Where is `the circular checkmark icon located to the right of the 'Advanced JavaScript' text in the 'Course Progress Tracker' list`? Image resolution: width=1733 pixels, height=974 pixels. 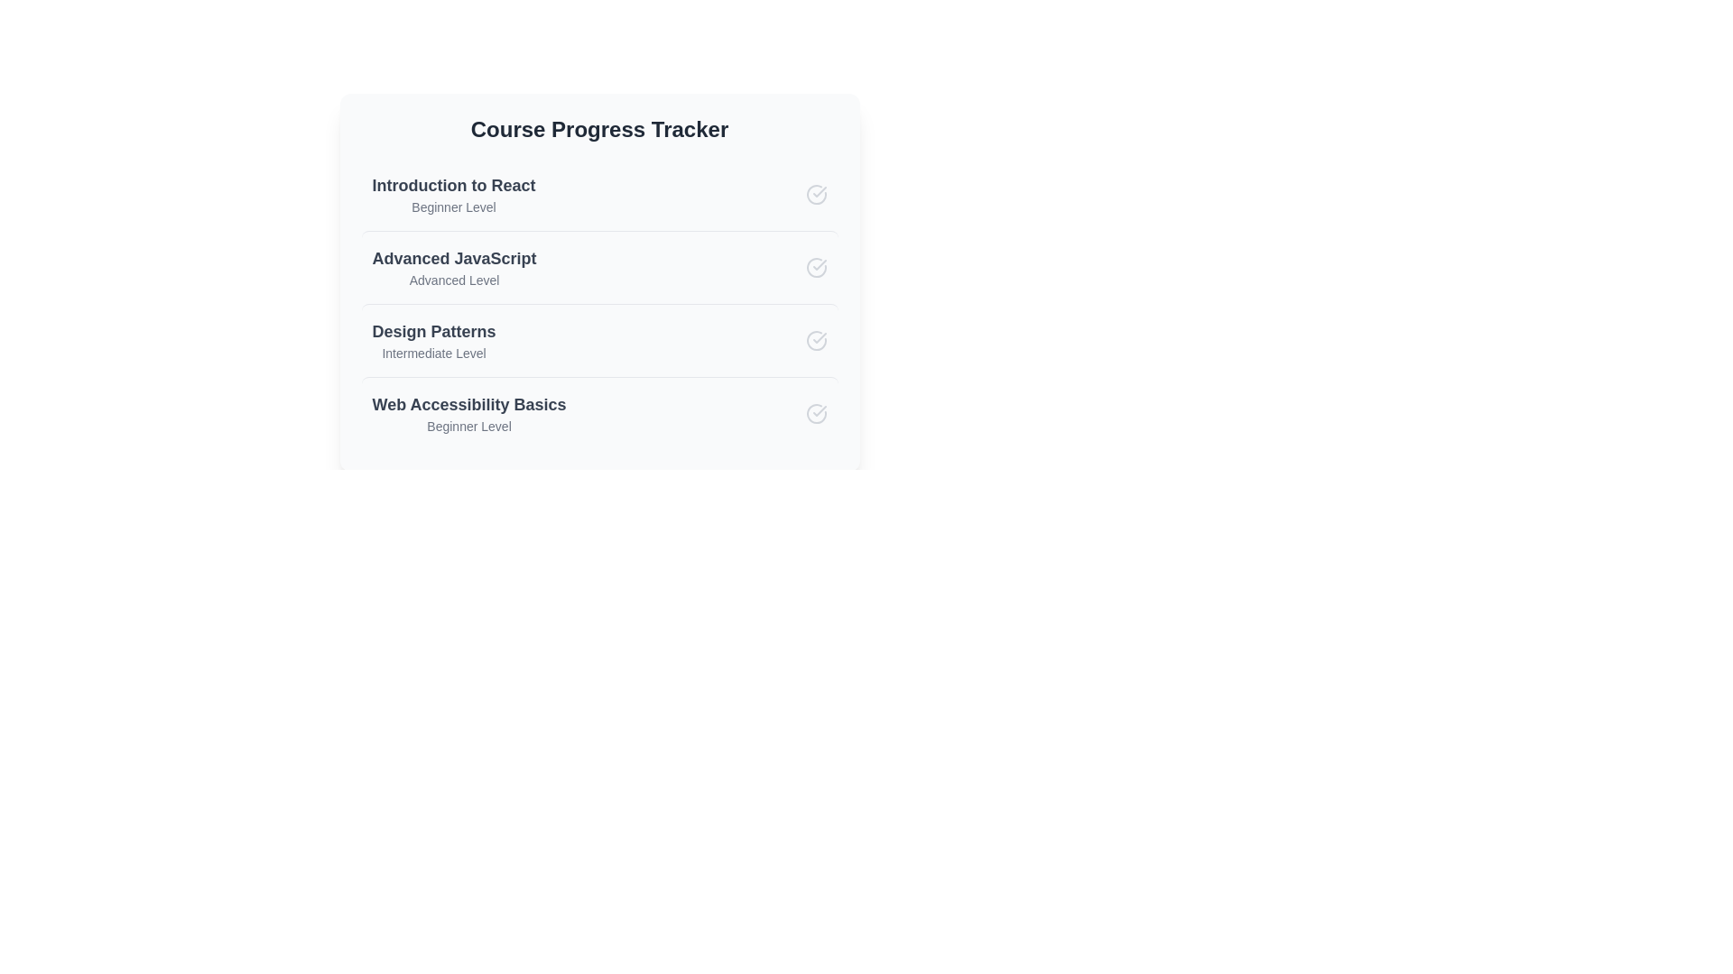
the circular checkmark icon located to the right of the 'Advanced JavaScript' text in the 'Course Progress Tracker' list is located at coordinates (815, 268).